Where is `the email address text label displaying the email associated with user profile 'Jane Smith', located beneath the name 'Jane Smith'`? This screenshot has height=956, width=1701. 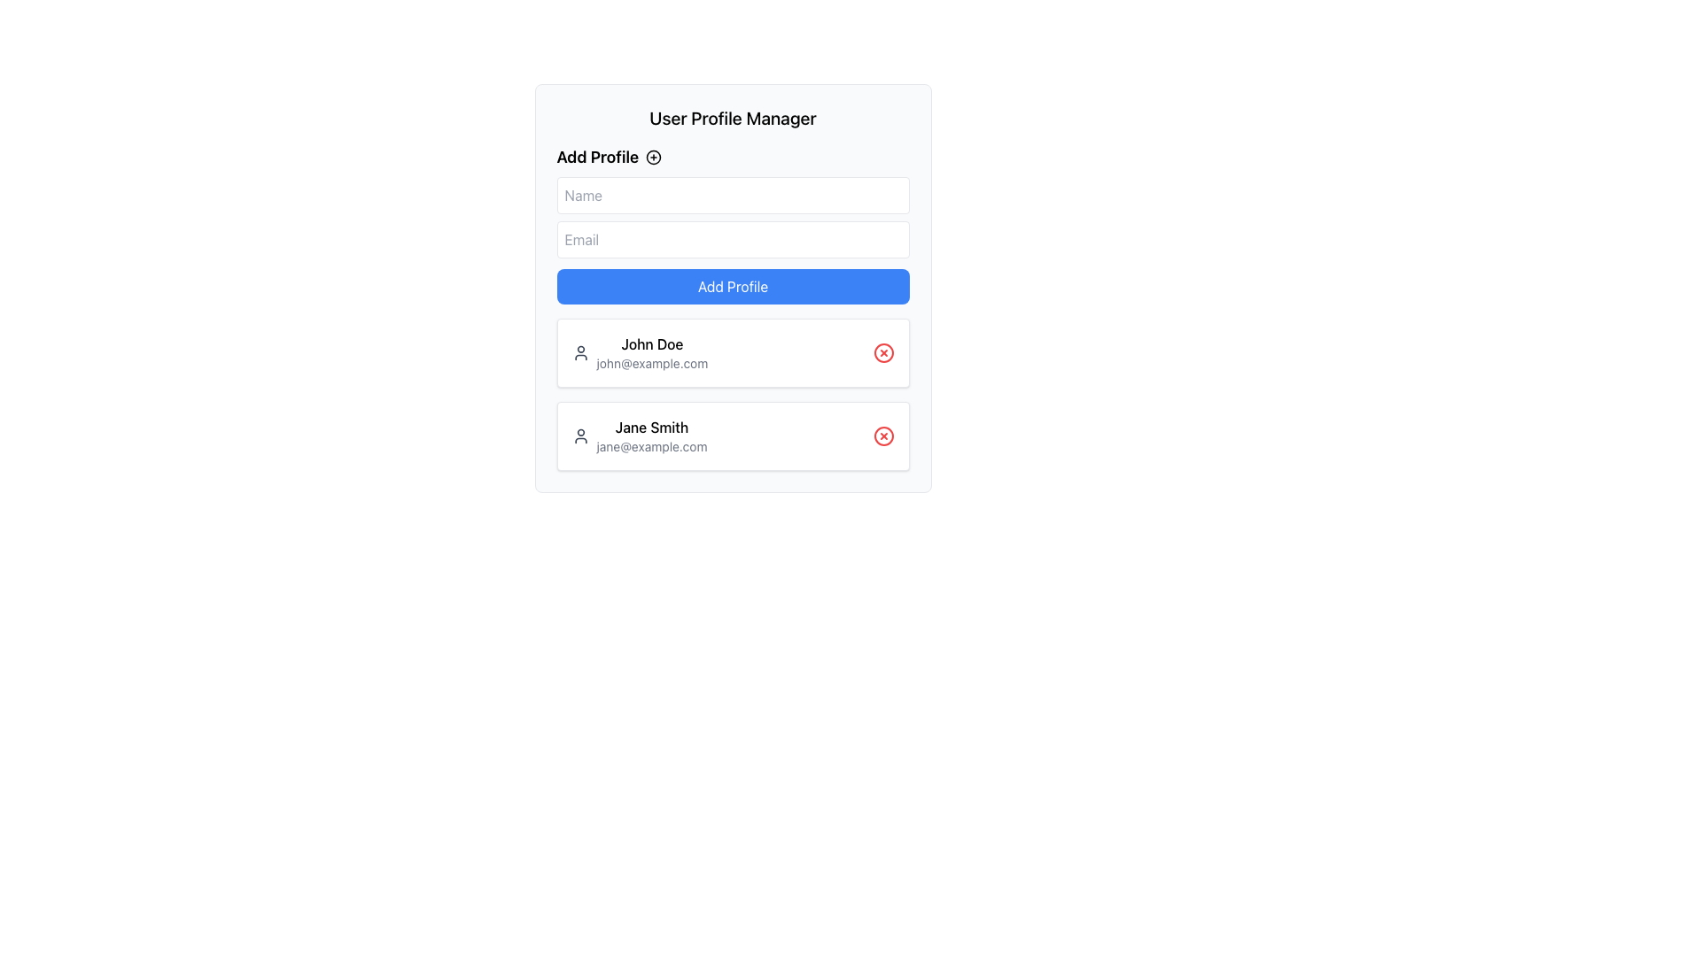
the email address text label displaying the email associated with user profile 'Jane Smith', located beneath the name 'Jane Smith' is located at coordinates (650, 446).